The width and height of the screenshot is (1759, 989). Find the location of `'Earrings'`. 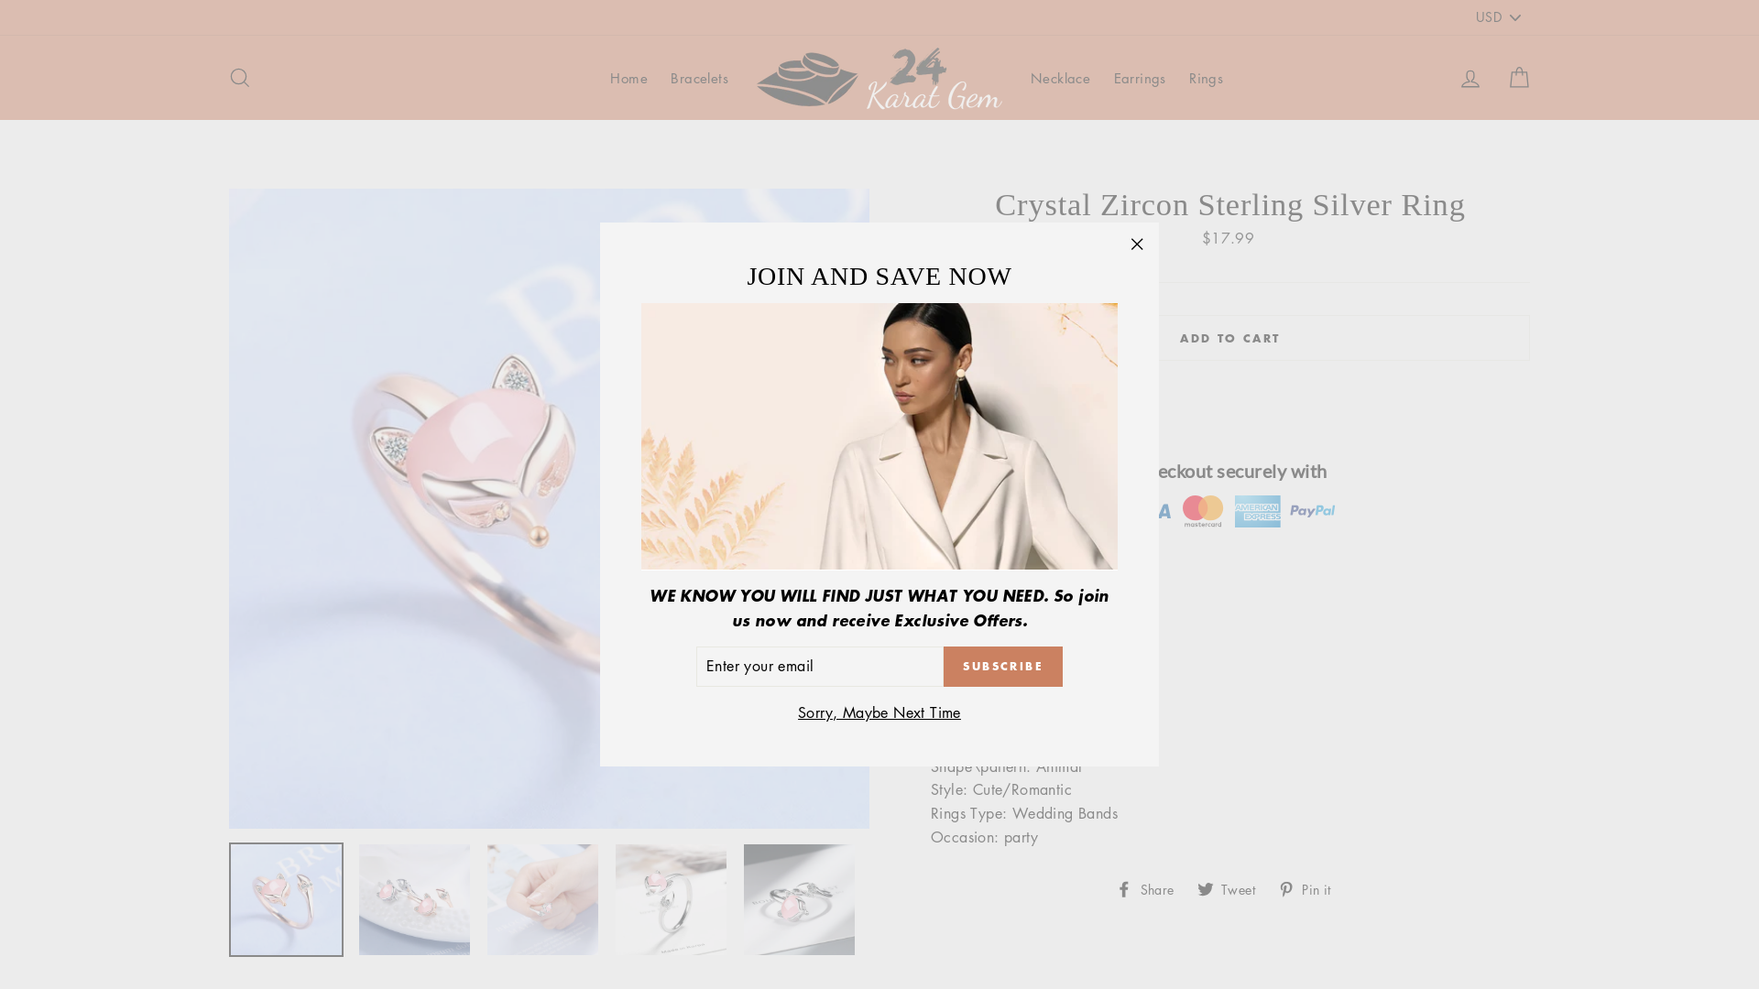

'Earrings' is located at coordinates (1139, 76).